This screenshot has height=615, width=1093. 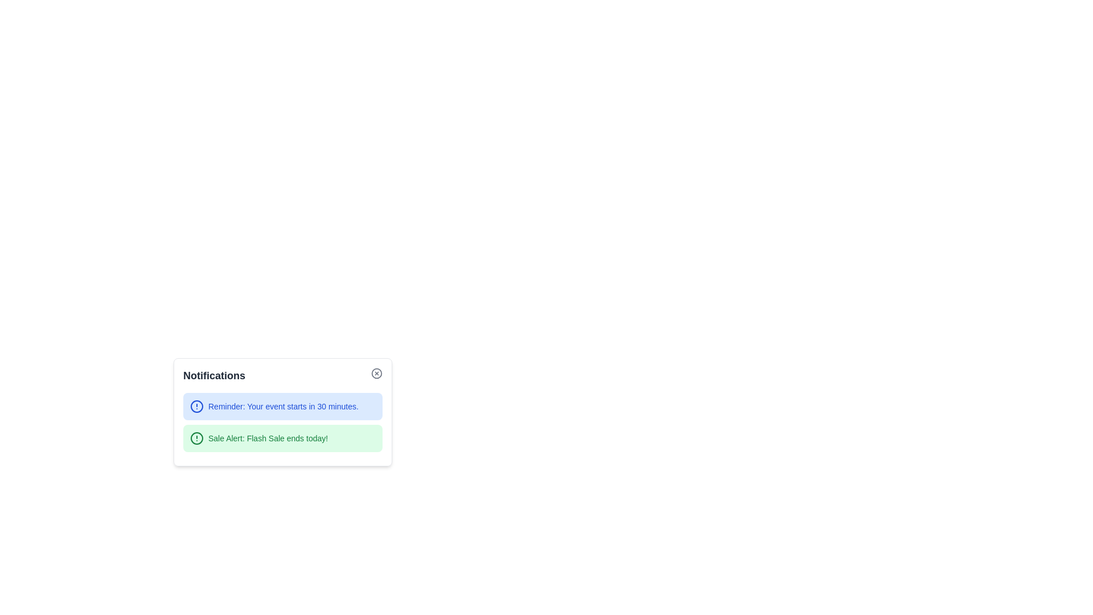 I want to click on the circular blue icon with an outlined border and vertical line inside, located in the top notification card before the text 'Reminder: Your event starts in 30 minutes.', so click(x=196, y=405).